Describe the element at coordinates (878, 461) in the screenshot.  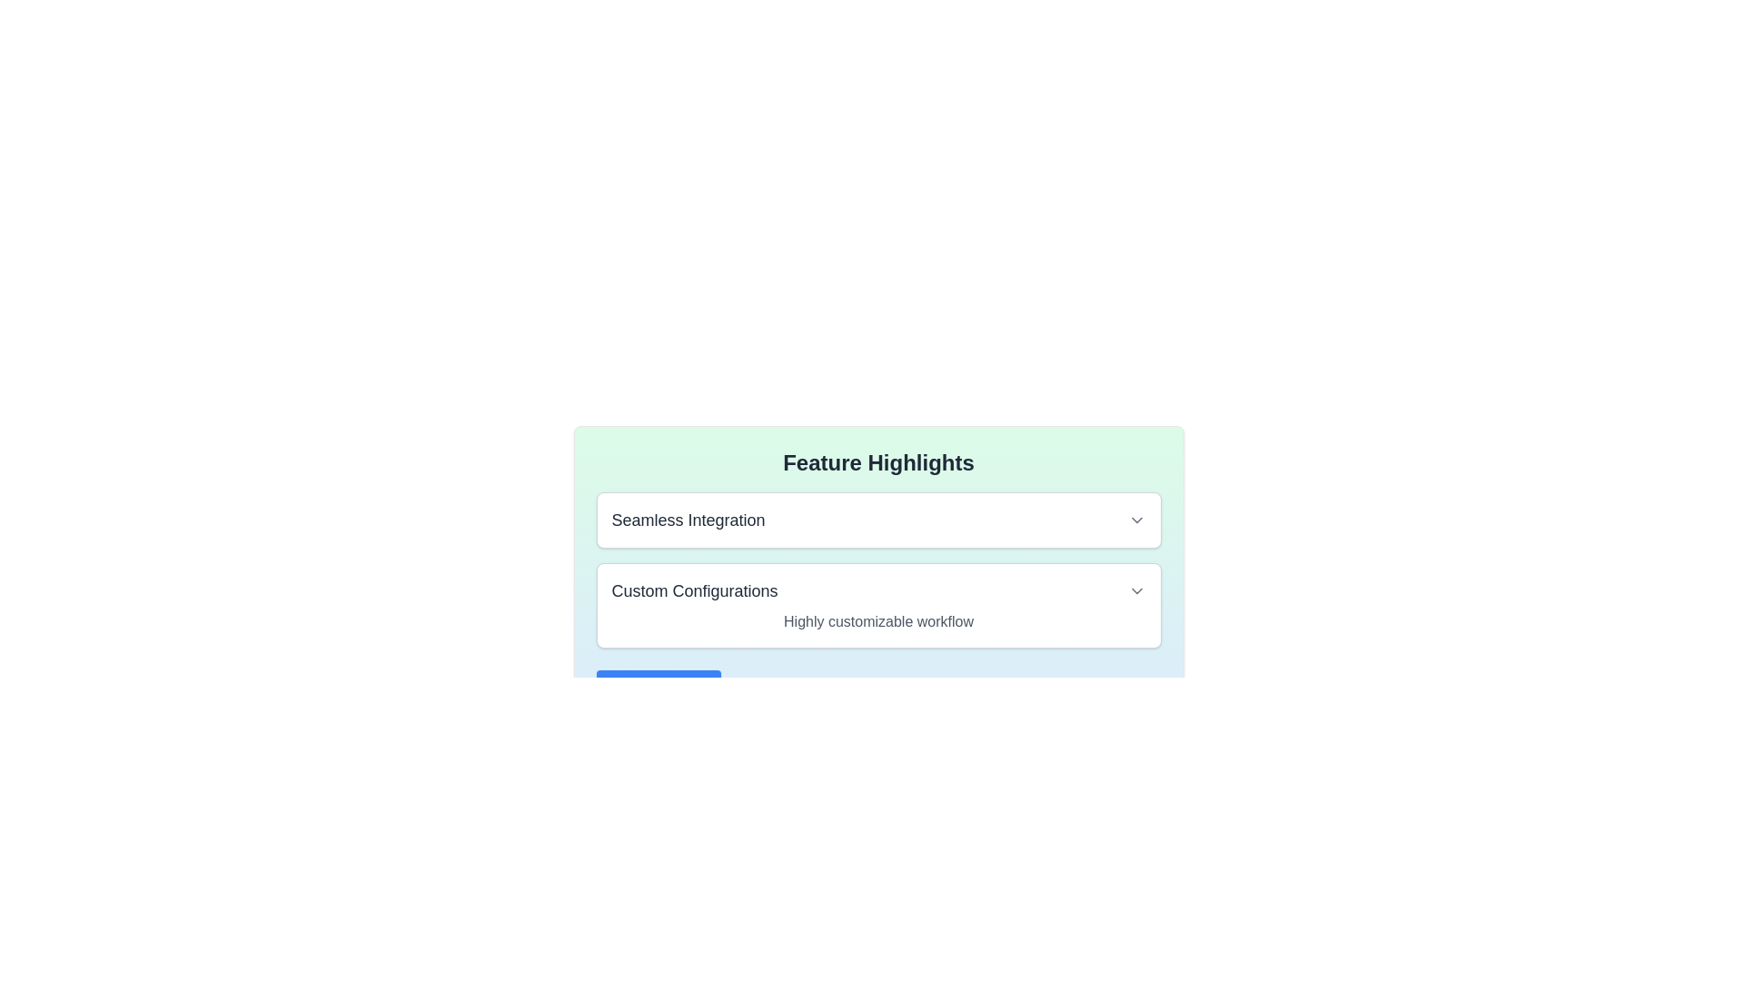
I see `the static text header labeled 'Feature Highlights' which is styled in bold, large font and positioned at the top center of its section with a light gradient background` at that location.